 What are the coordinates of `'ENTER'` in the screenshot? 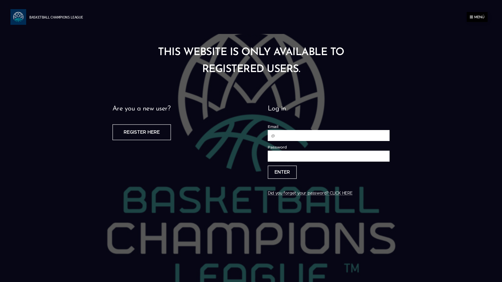 It's located at (282, 172).